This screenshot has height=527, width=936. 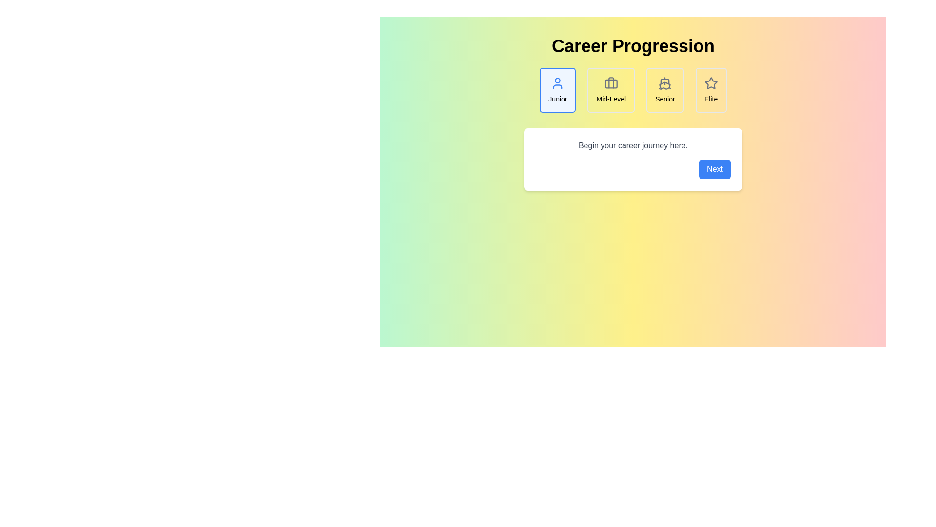 I want to click on the 'Next' button to proceed to the next step, so click(x=715, y=169).